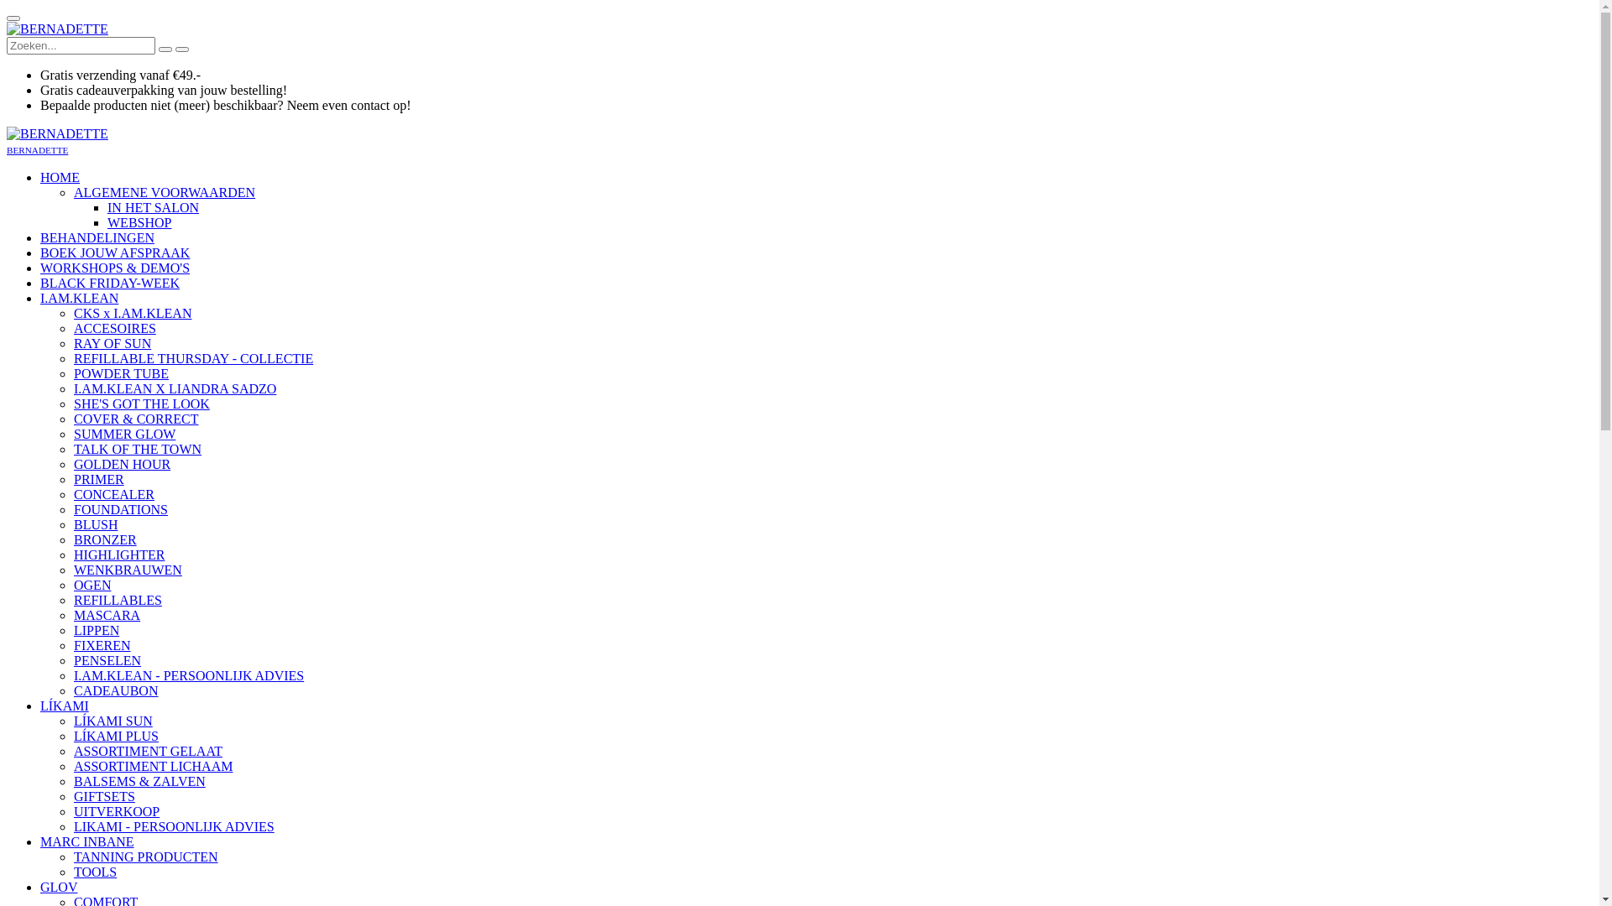 This screenshot has width=1612, height=906. What do you see at coordinates (37, 148) in the screenshot?
I see `'BERNADETTE'` at bounding box center [37, 148].